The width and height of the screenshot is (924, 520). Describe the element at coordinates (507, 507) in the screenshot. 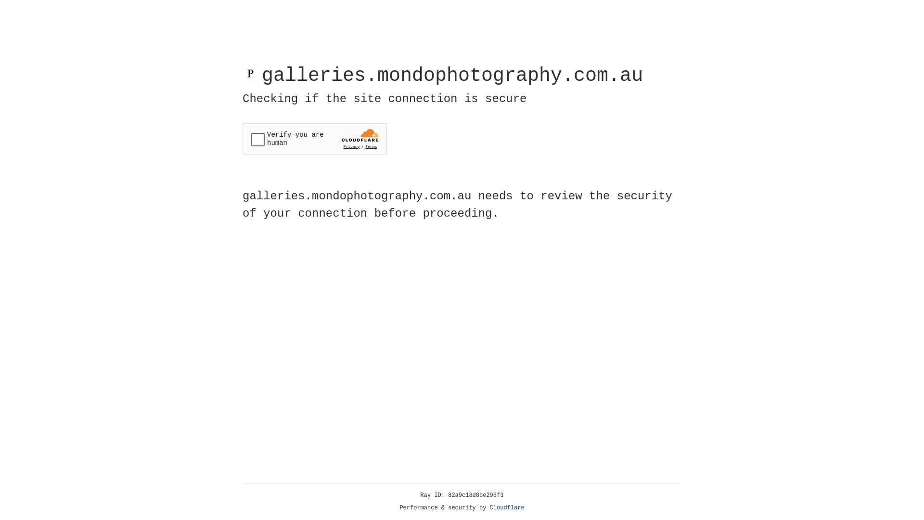

I see `'Cloudflare'` at that location.